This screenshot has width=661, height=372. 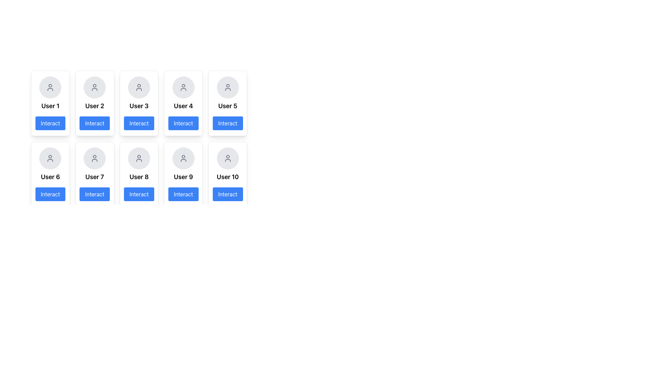 What do you see at coordinates (138, 176) in the screenshot?
I see `the text label displaying 'User 8', which is styled with medium font size and bold weight, located below the user avatar in the card layout` at bounding box center [138, 176].